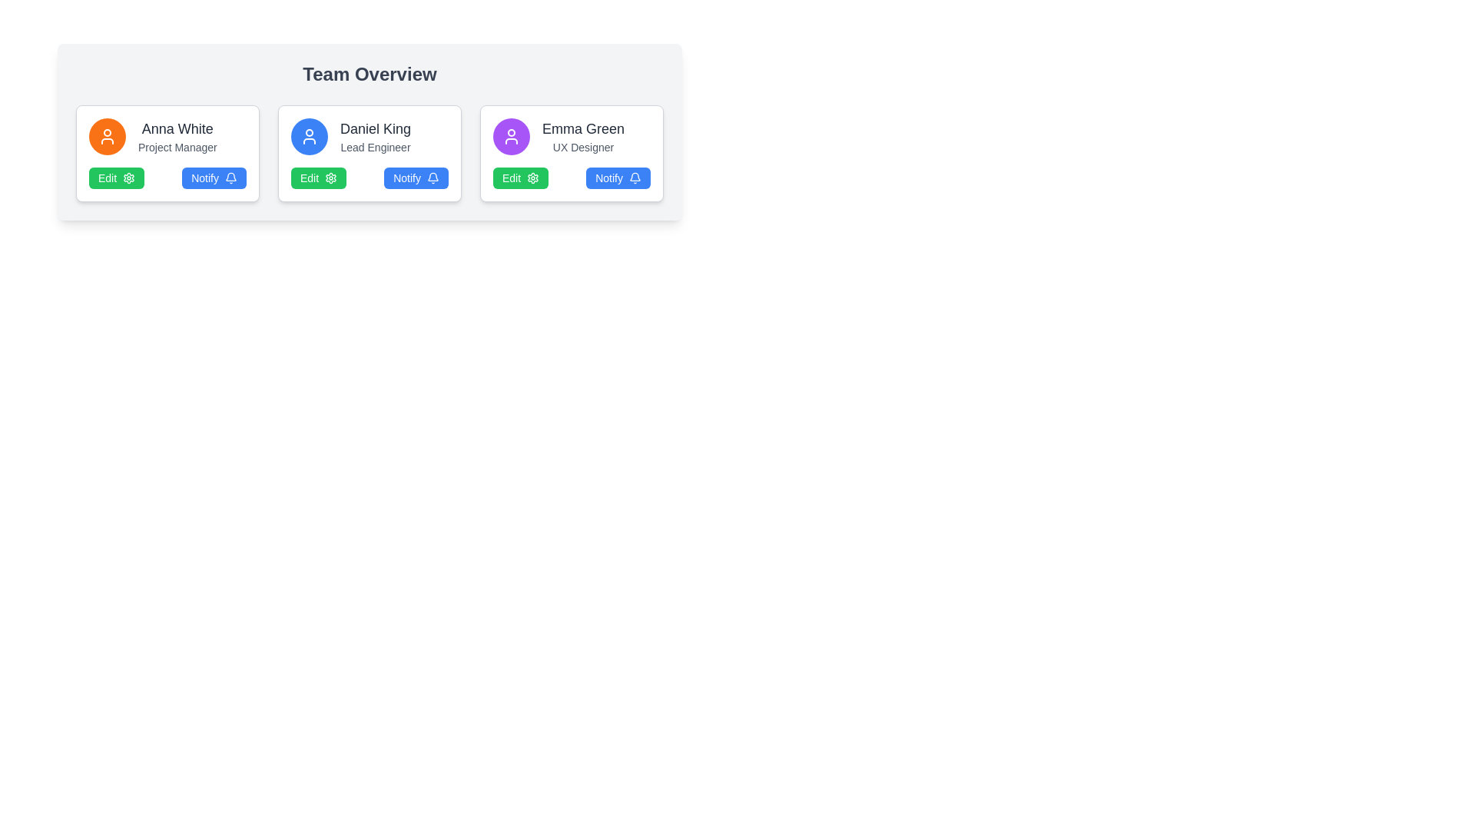 Image resolution: width=1475 pixels, height=830 pixels. Describe the element at coordinates (521, 177) in the screenshot. I see `the edit button for 'Emma Green' in the Team Overview section` at that location.